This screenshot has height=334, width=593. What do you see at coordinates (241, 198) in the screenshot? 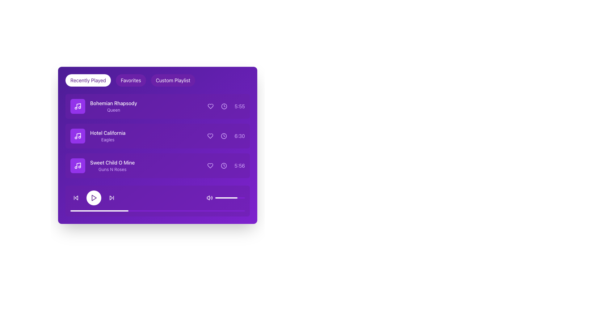
I see `the volume level` at bounding box center [241, 198].